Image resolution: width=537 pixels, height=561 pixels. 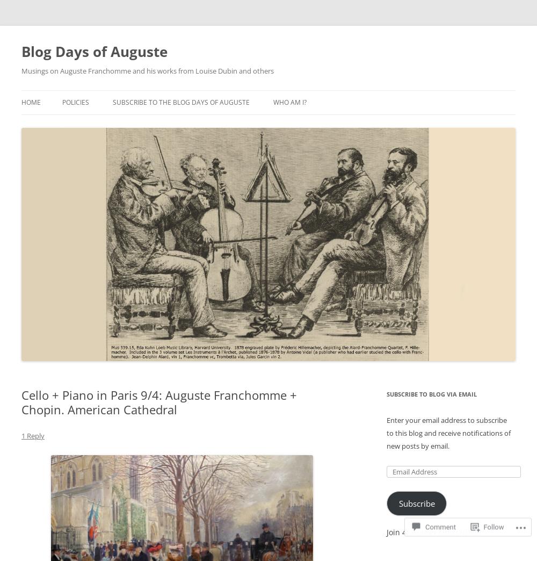 I want to click on 'Blog Days of Auguste', so click(x=95, y=52).